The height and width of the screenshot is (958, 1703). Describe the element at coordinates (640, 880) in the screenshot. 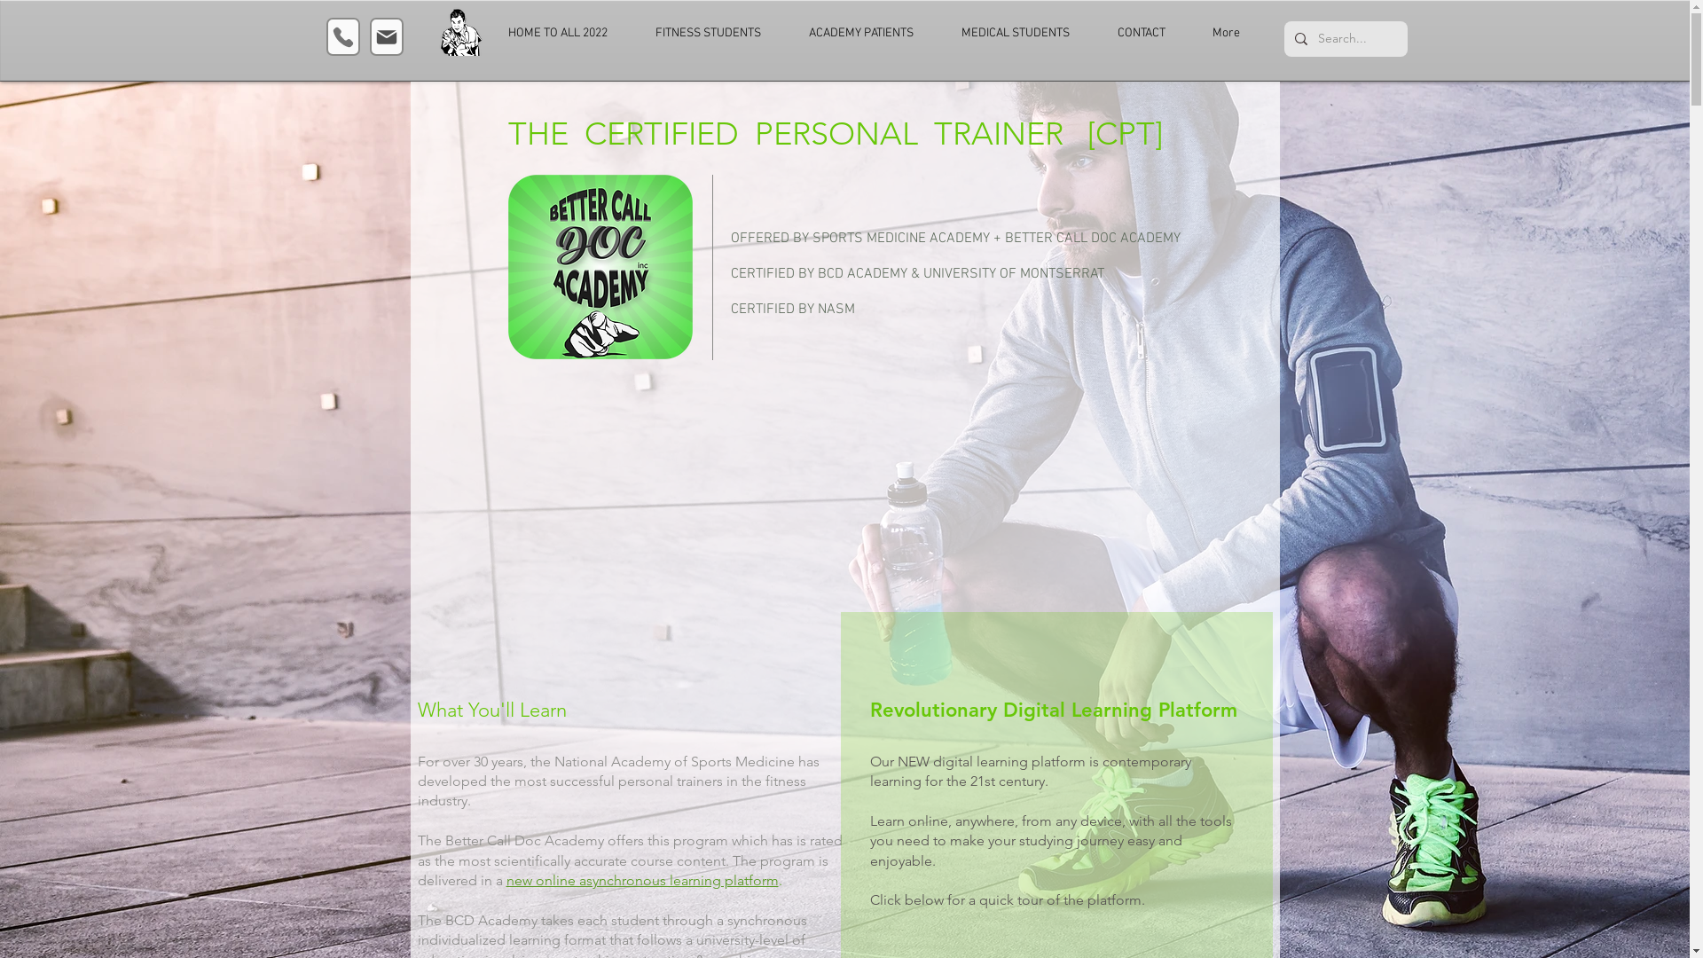

I see `'new online asynchronous learning platform'` at that location.